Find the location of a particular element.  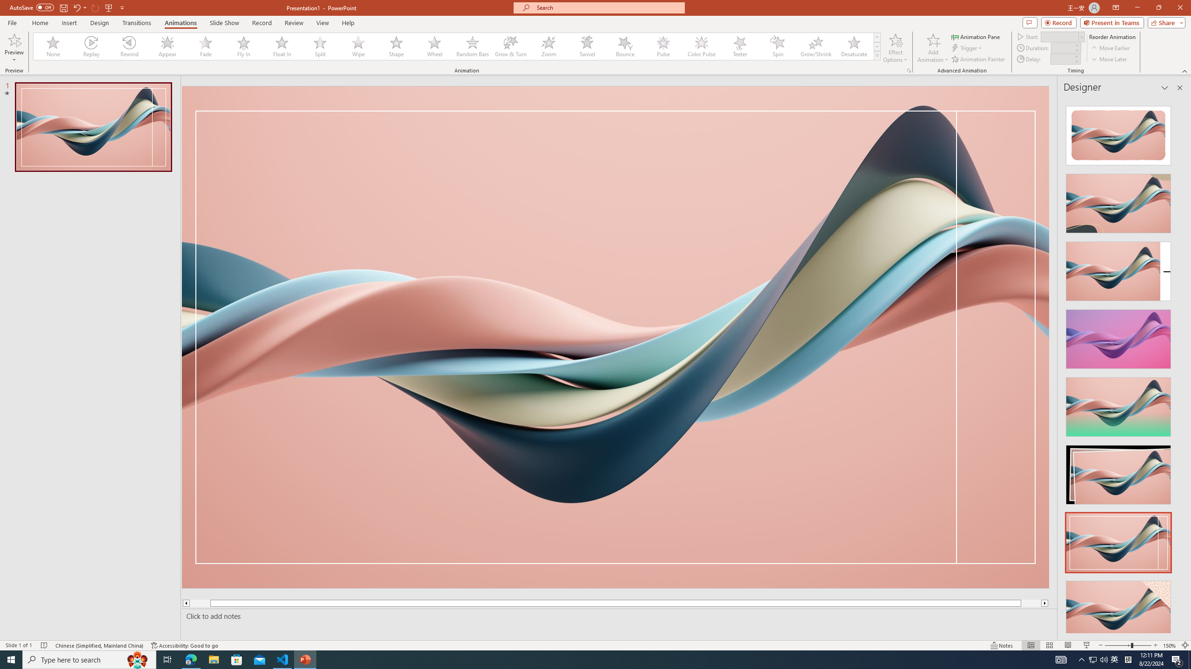

'Split' is located at coordinates (320, 46).